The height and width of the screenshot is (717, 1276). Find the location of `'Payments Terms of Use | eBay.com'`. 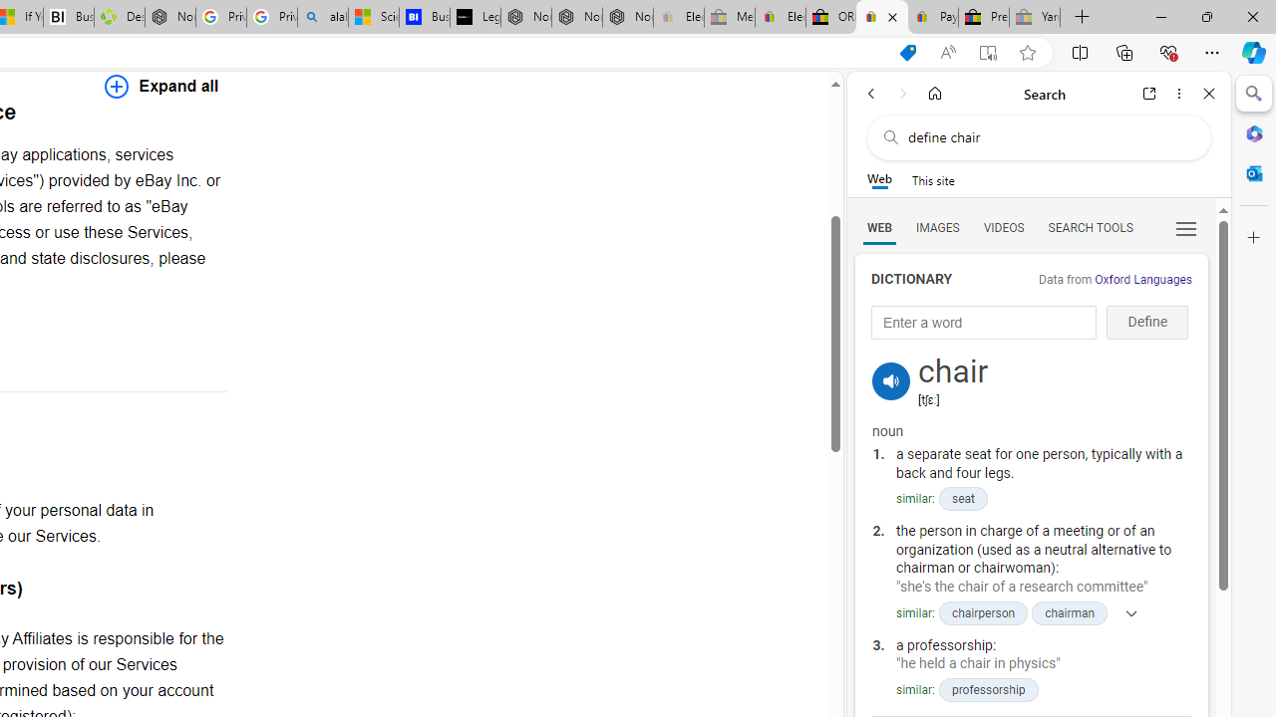

'Payments Terms of Use | eBay.com' is located at coordinates (932, 17).